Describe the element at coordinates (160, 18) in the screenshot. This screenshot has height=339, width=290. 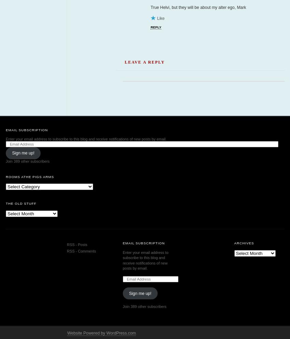
I see `'Like'` at that location.